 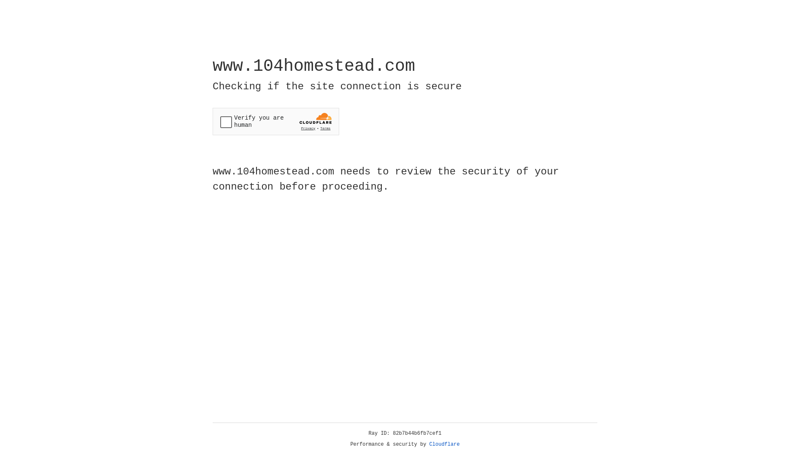 I want to click on 'Widget containing a Cloudflare security challenge', so click(x=275, y=121).